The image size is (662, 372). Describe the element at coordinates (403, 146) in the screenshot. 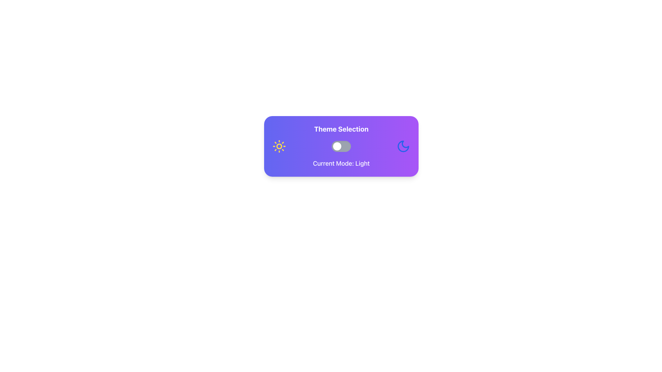

I see `the crescent moon icon, which is styled prominently in blue and located on the rightmost area of the theme selector interface` at that location.